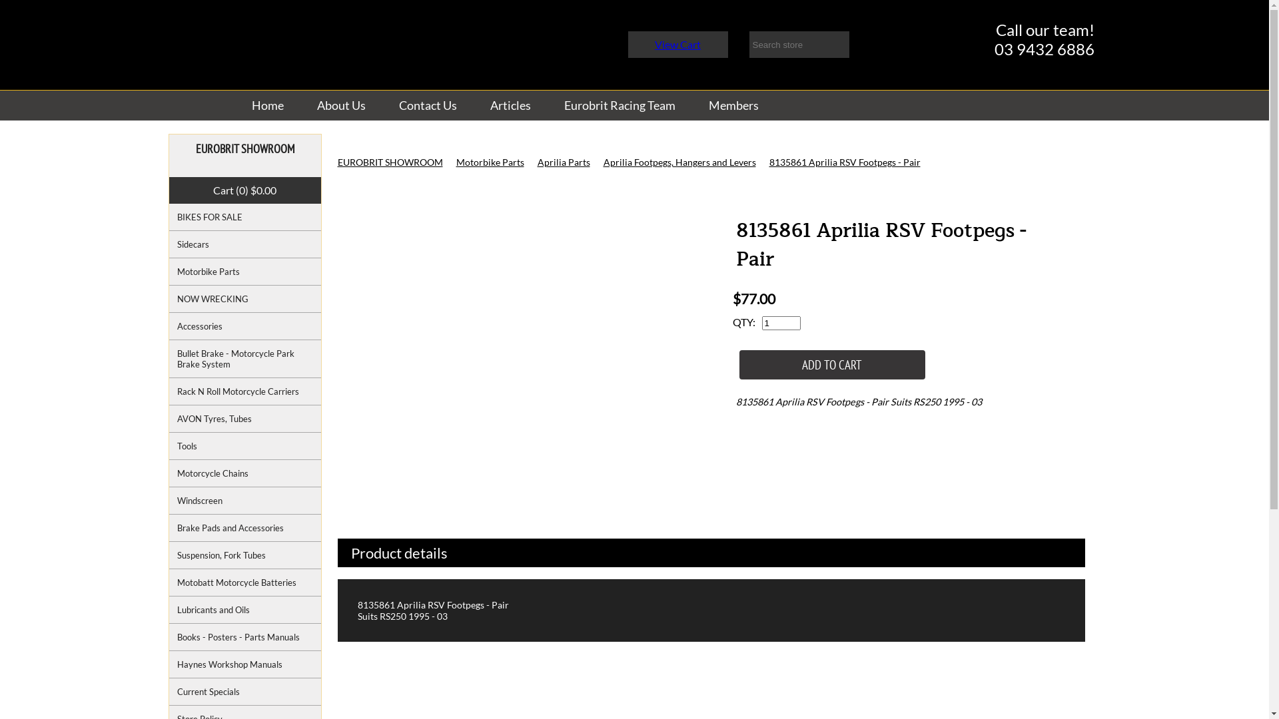 This screenshot has height=719, width=1279. What do you see at coordinates (691, 105) in the screenshot?
I see `'Members'` at bounding box center [691, 105].